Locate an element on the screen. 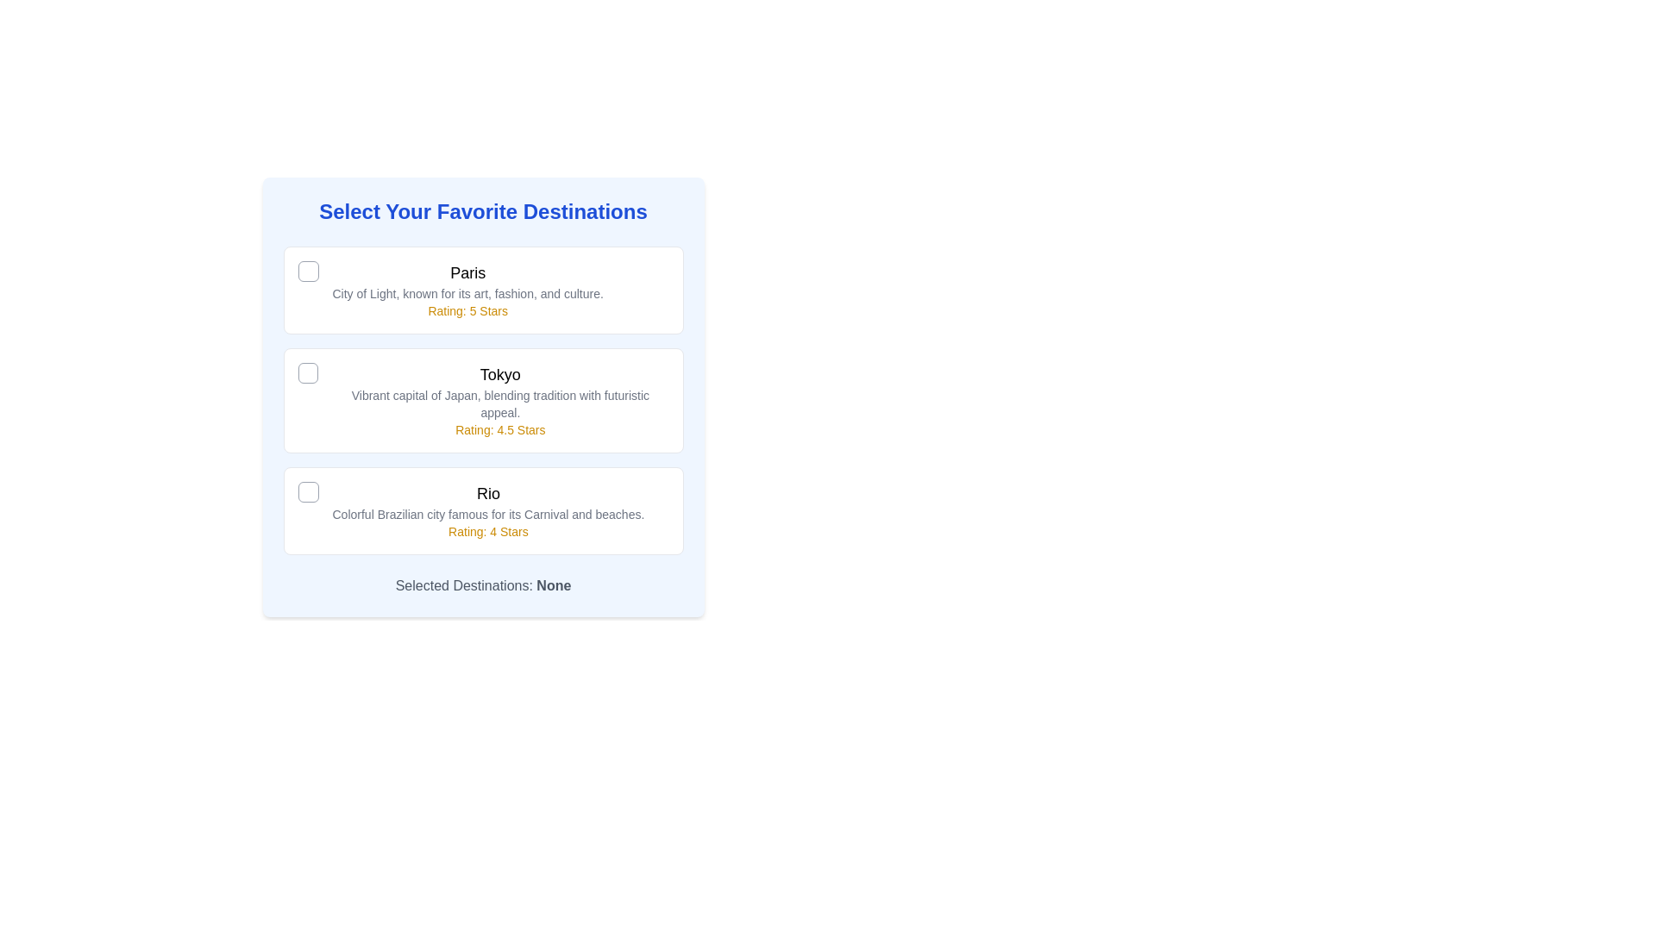 This screenshot has height=931, width=1656. the informational content block displaying details about 'Tokyo', which includes the header 'Tokyo', a descriptive paragraph, and a rating of '4.5 Stars' is located at coordinates (499, 401).